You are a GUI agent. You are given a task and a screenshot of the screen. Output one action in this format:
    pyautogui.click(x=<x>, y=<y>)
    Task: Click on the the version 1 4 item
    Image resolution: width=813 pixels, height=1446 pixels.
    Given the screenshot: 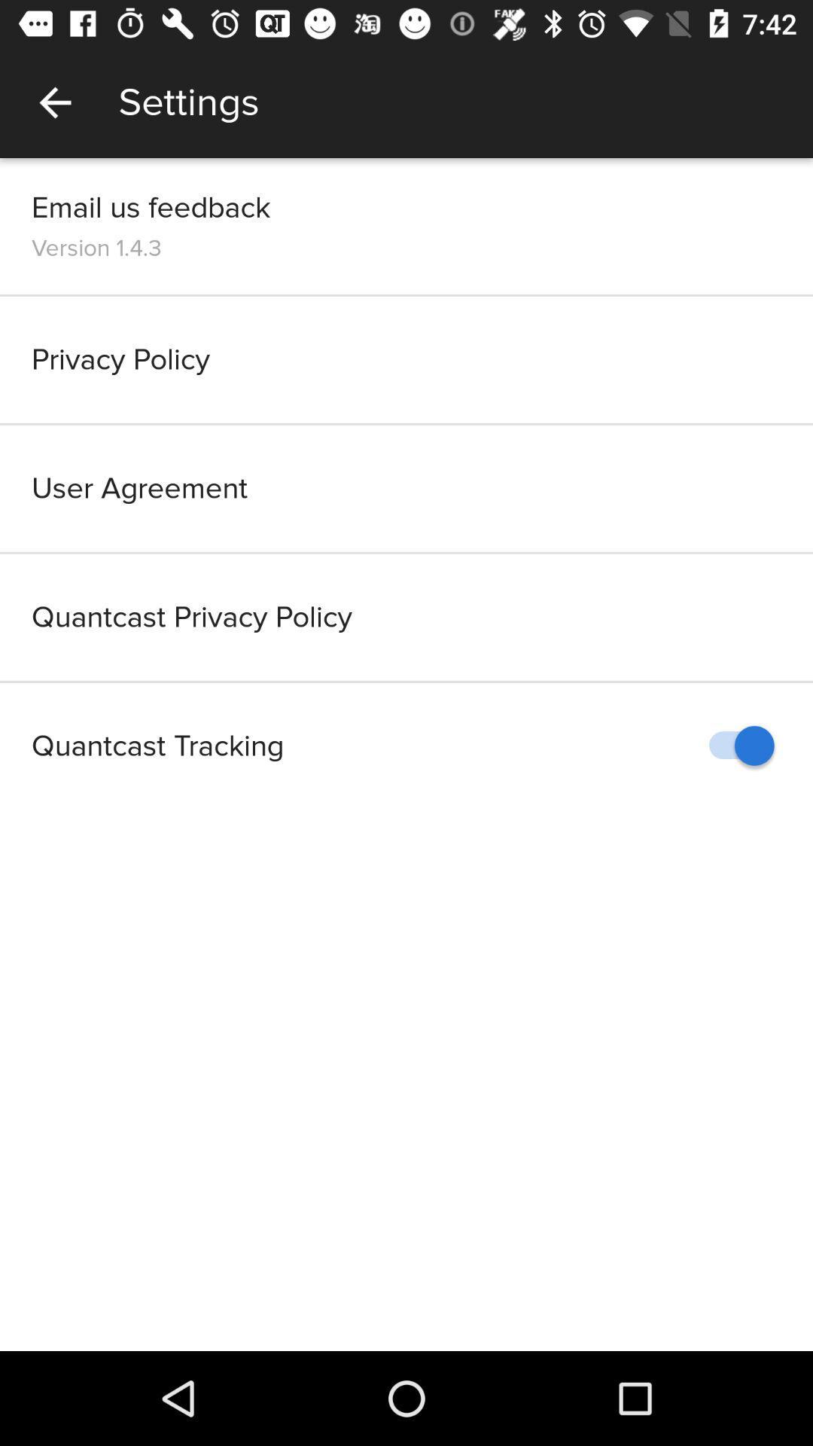 What is the action you would take?
    pyautogui.click(x=96, y=248)
    